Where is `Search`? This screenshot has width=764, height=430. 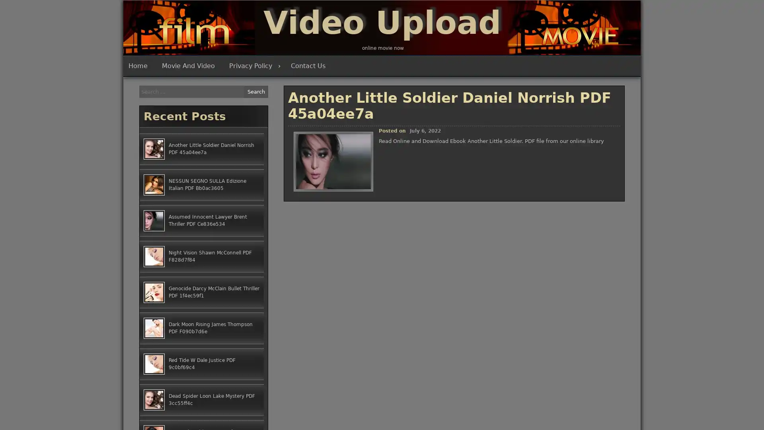
Search is located at coordinates (256, 91).